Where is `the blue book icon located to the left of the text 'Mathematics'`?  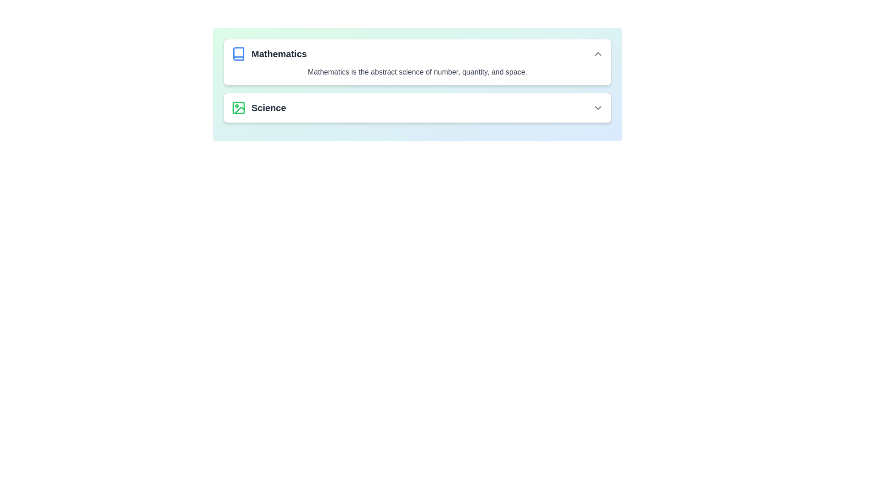 the blue book icon located to the left of the text 'Mathematics' is located at coordinates (239, 54).